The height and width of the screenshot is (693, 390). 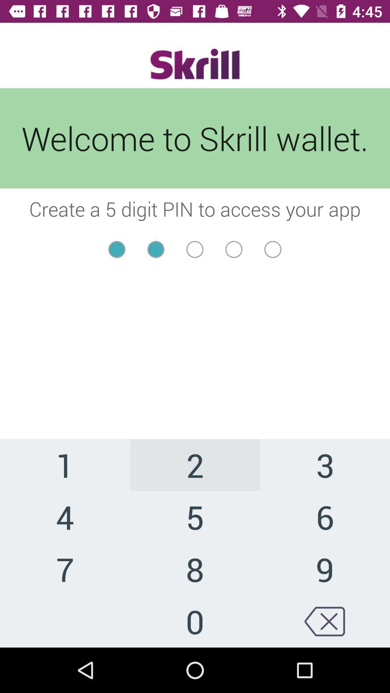 What do you see at coordinates (194, 249) in the screenshot?
I see `next pin number` at bounding box center [194, 249].